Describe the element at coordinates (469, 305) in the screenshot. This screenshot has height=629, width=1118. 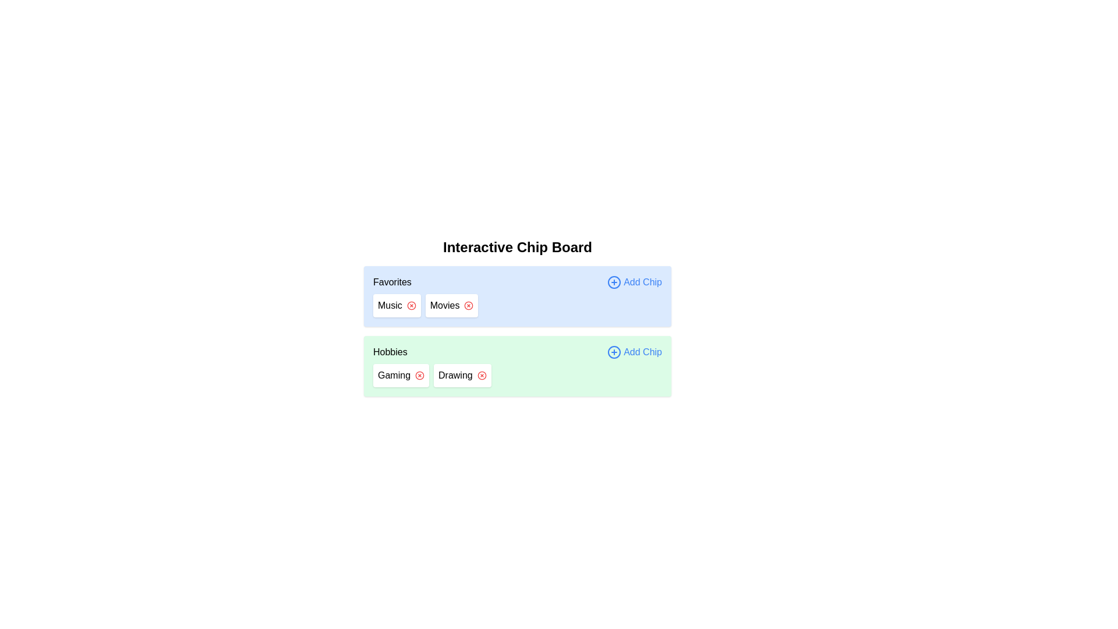
I see `'Remove' icon on the chip labeled Movies` at that location.